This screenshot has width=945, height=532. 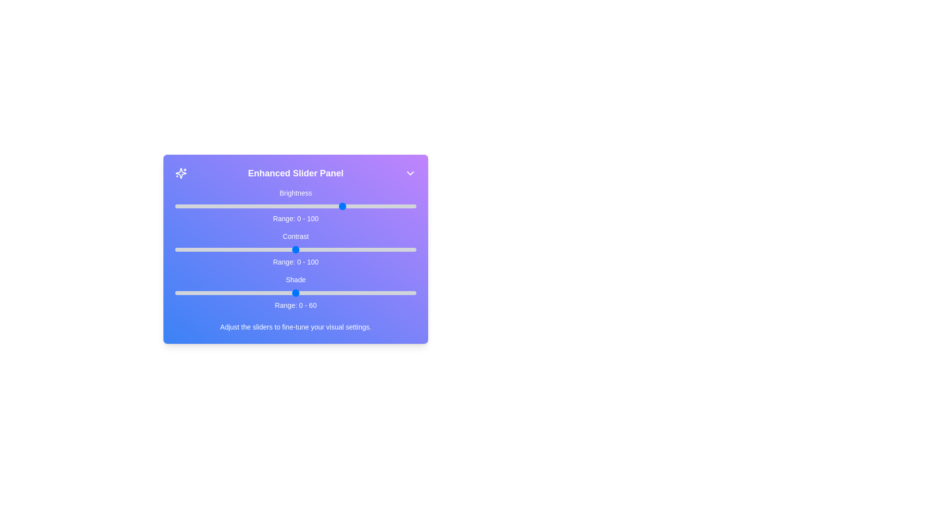 I want to click on the 1 slider to 25, so click(x=235, y=249).